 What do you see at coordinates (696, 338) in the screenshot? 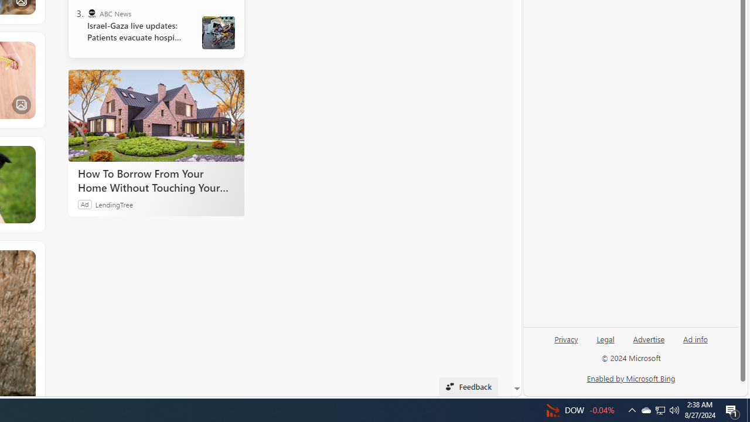
I see `'Ad info'` at bounding box center [696, 338].